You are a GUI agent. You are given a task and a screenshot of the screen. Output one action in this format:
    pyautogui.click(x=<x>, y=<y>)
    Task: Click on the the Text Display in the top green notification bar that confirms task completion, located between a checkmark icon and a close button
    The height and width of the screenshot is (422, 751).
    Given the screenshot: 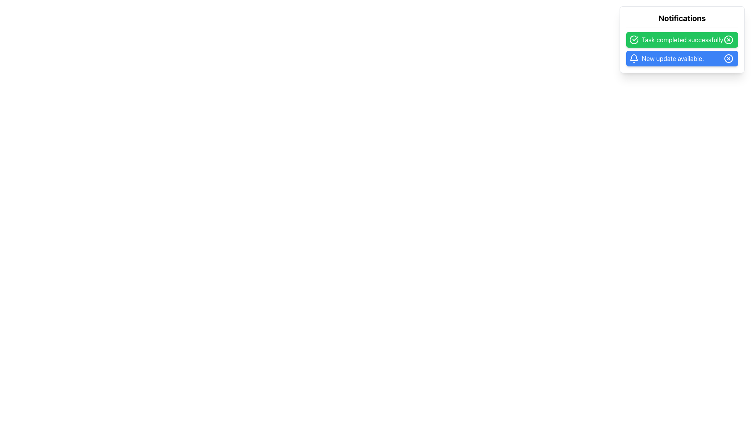 What is the action you would take?
    pyautogui.click(x=683, y=39)
    